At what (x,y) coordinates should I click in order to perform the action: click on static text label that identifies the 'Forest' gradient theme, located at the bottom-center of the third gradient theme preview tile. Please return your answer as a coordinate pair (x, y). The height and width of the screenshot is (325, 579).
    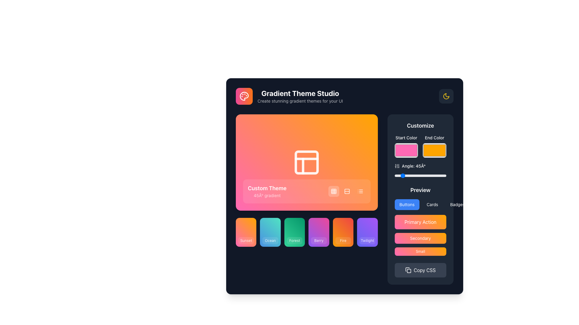
    Looking at the image, I should click on (295, 240).